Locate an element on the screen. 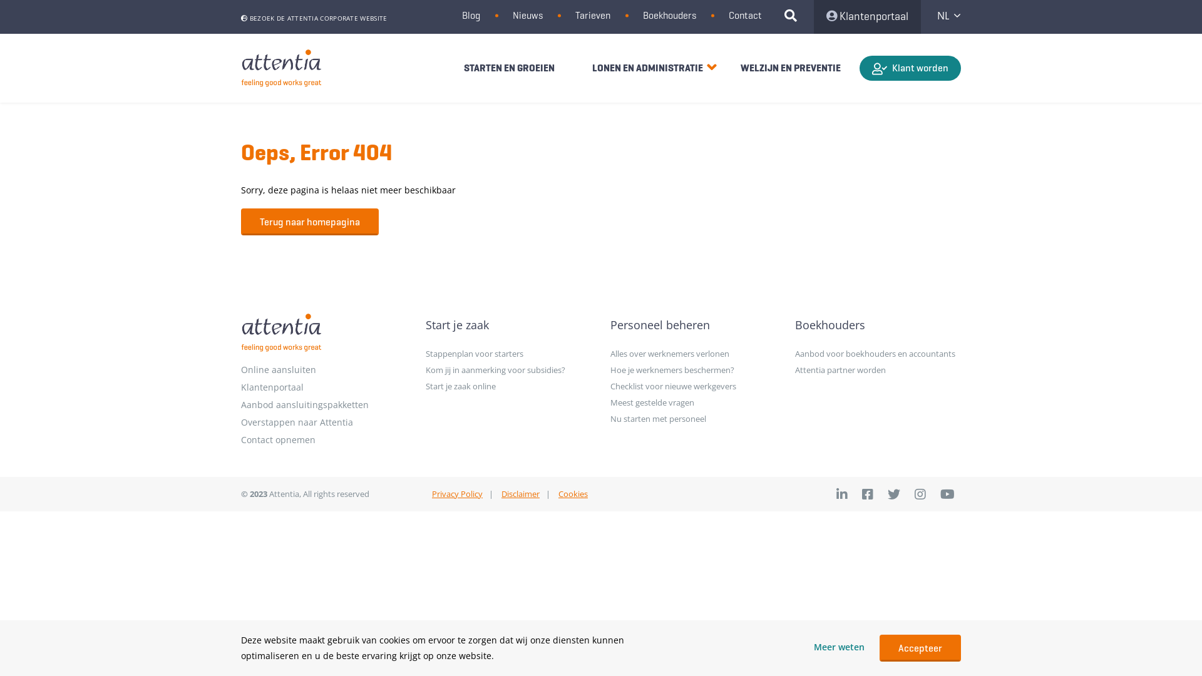  'Blog' is located at coordinates (470, 15).